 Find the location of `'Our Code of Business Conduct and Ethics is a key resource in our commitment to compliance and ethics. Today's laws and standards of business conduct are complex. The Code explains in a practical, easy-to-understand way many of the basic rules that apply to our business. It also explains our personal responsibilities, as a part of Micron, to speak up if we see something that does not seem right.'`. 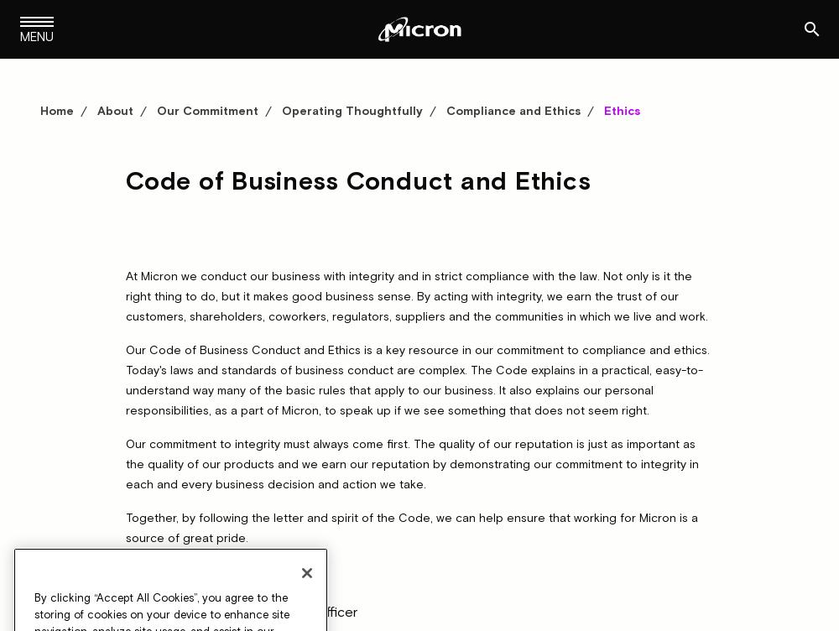

'Our Code of Business Conduct and Ethics is a key resource in our commitment to compliance and ethics. Today's laws and standards of business conduct are complex. The Code explains in a practical, easy-to-understand way many of the basic rules that apply to our business. It also explains our personal responsibilities, as a part of Micron, to speak up if we see something that does not seem right.' is located at coordinates (126, 378).